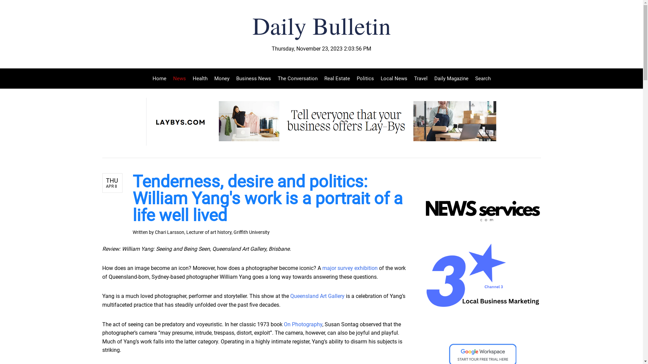 The width and height of the screenshot is (648, 364). Describe the element at coordinates (337, 78) in the screenshot. I see `'Real Estate'` at that location.